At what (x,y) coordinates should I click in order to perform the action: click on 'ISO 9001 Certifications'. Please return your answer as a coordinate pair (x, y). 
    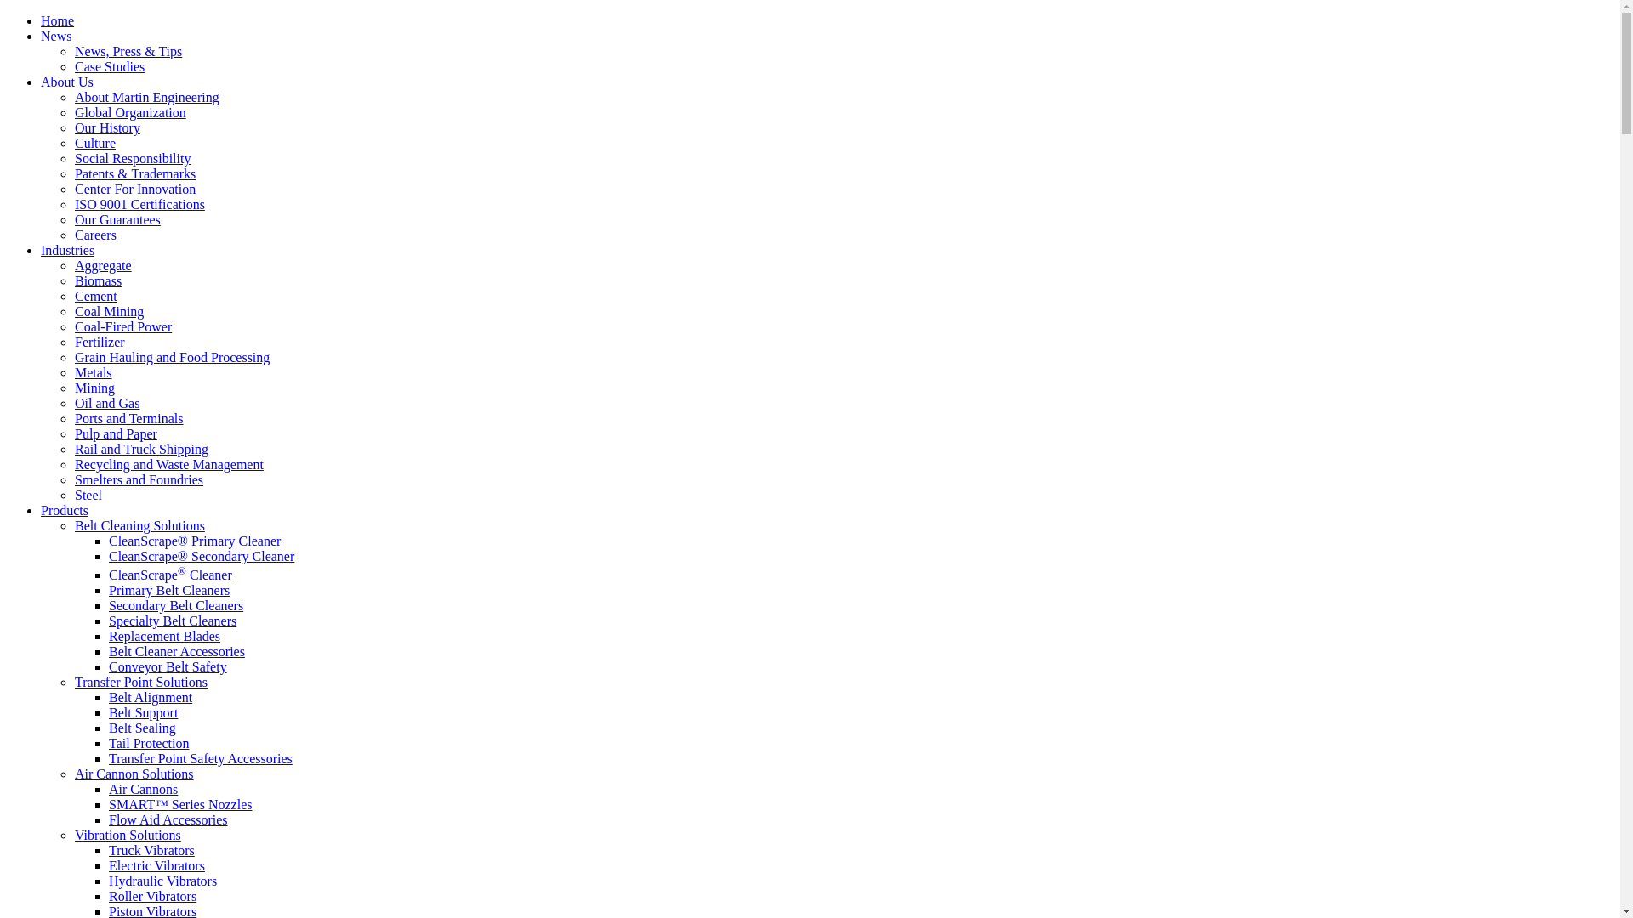
    Looking at the image, I should click on (139, 203).